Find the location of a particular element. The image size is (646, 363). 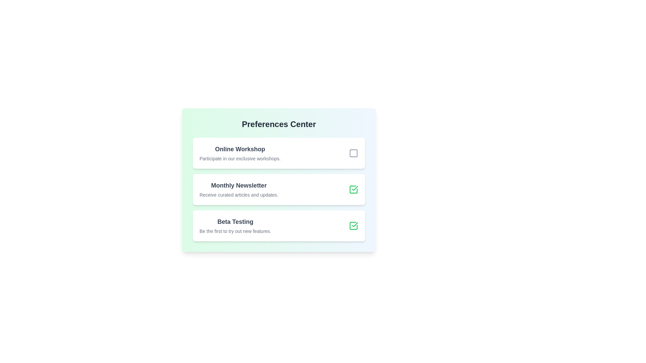

the informational text block about the 'Online Workshop' located at the top of the 'Preferences Center' is located at coordinates (240, 153).